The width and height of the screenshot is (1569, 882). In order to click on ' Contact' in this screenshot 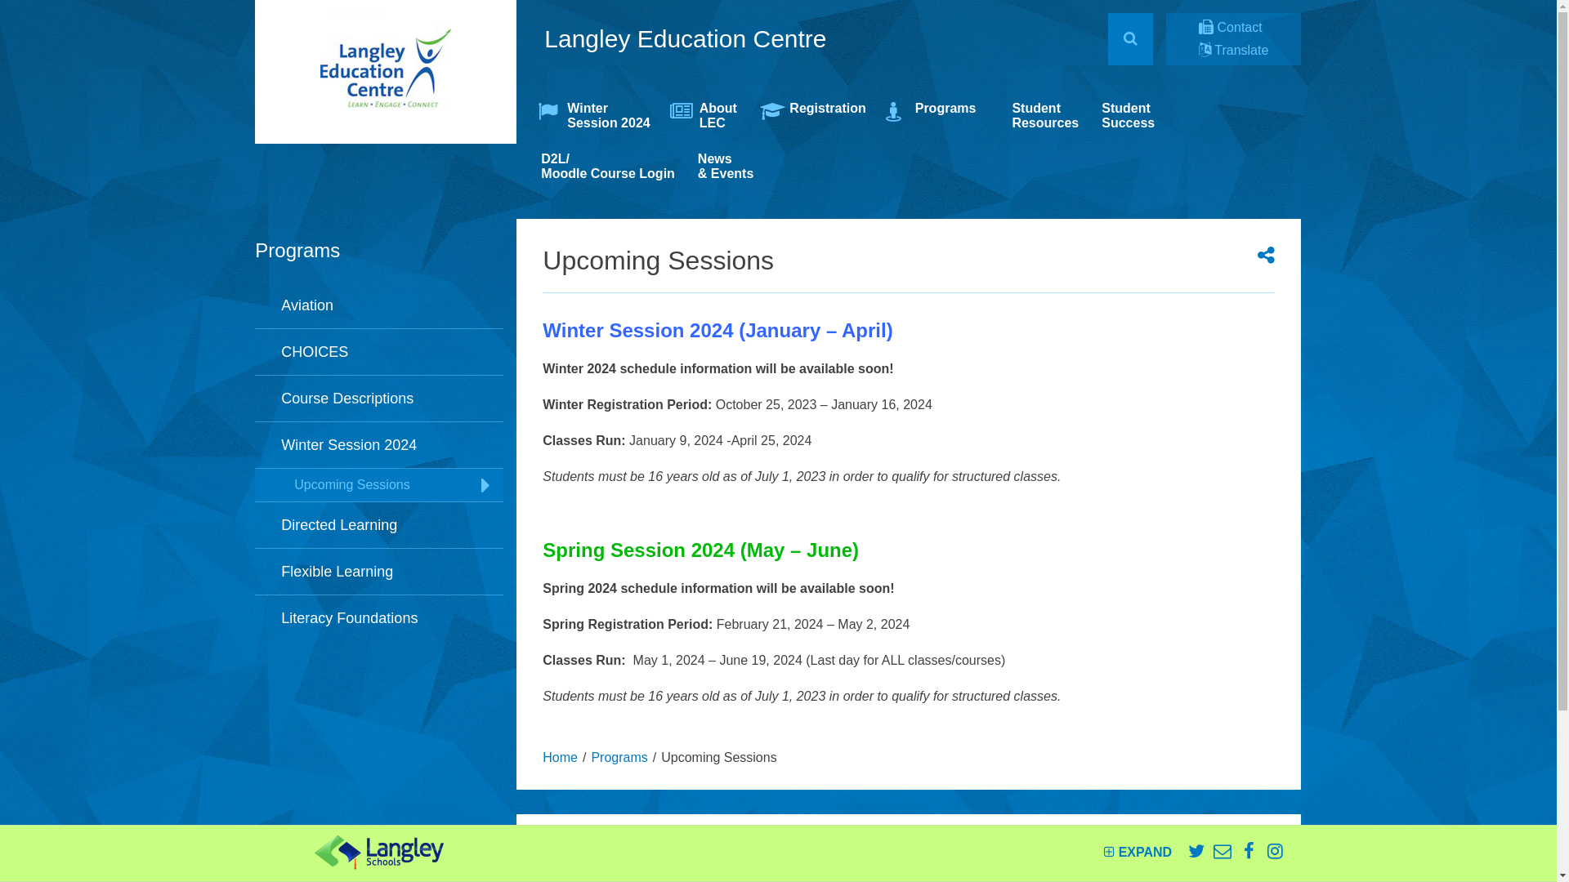, I will do `click(1231, 27)`.